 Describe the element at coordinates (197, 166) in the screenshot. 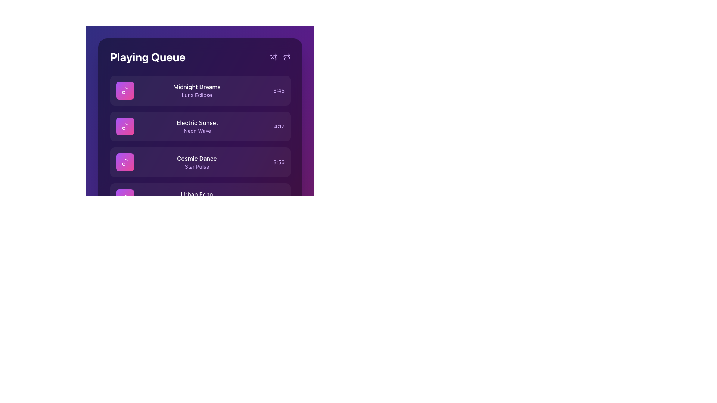

I see `the text label displaying 'Star Pulse', which is styled in light purple and positioned directly below the larger label 'Cosmic Dance'` at that location.